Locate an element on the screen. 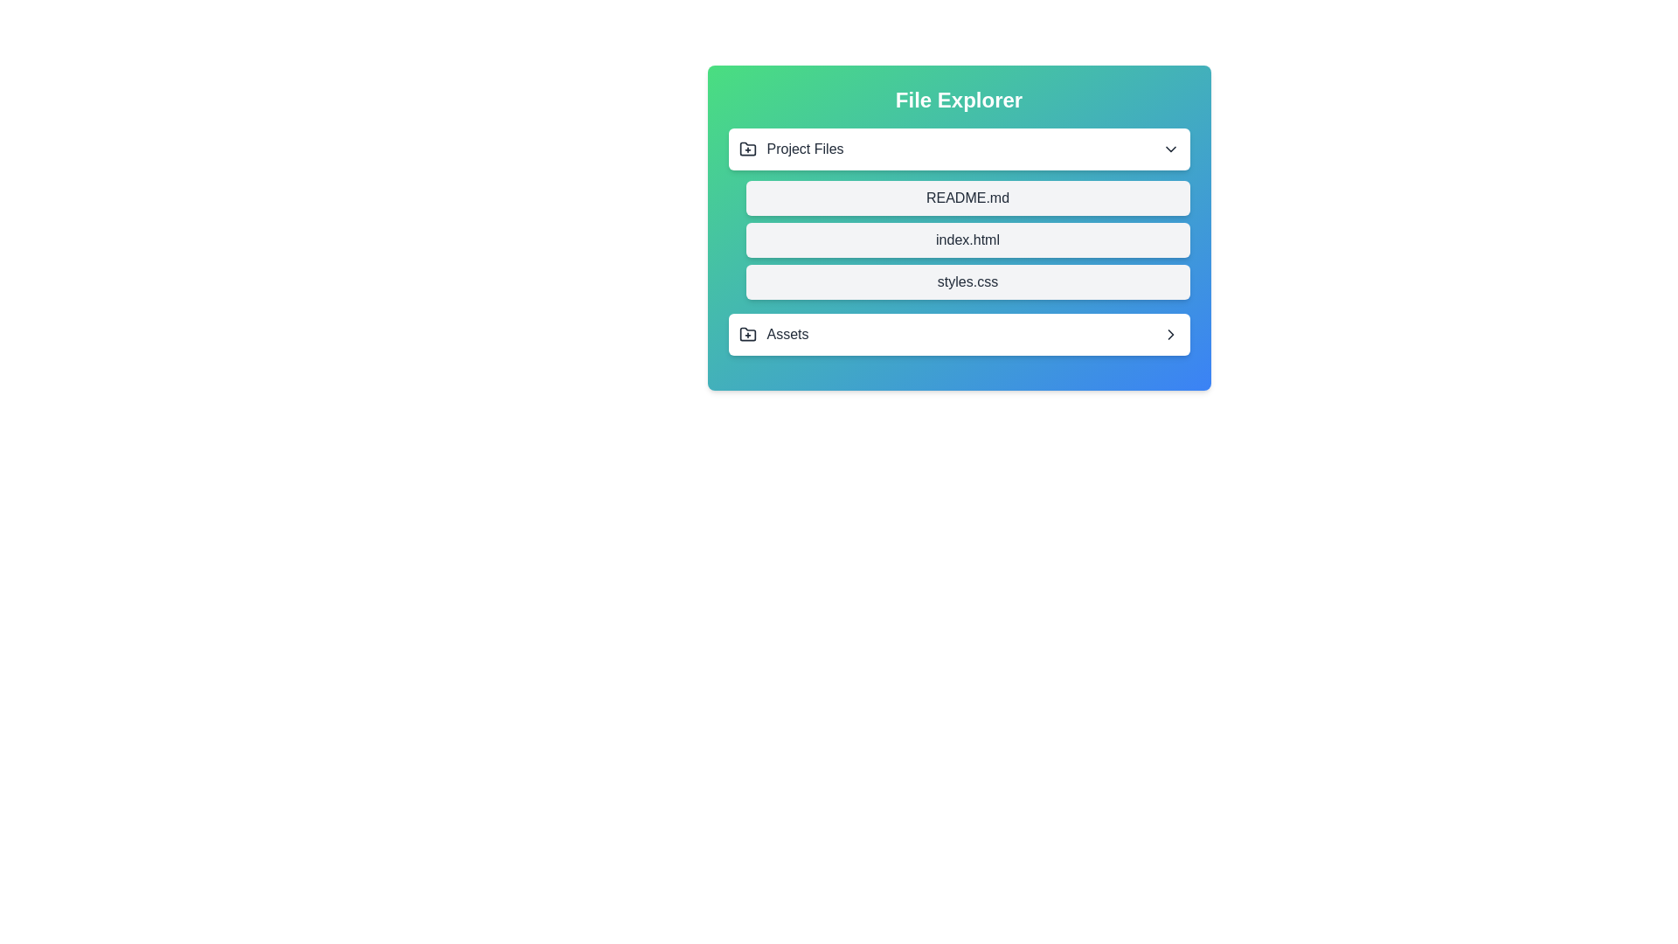 The height and width of the screenshot is (944, 1678). the 'README.md' button located in the upper section of the 'File Explorer' panel is located at coordinates (967, 198).